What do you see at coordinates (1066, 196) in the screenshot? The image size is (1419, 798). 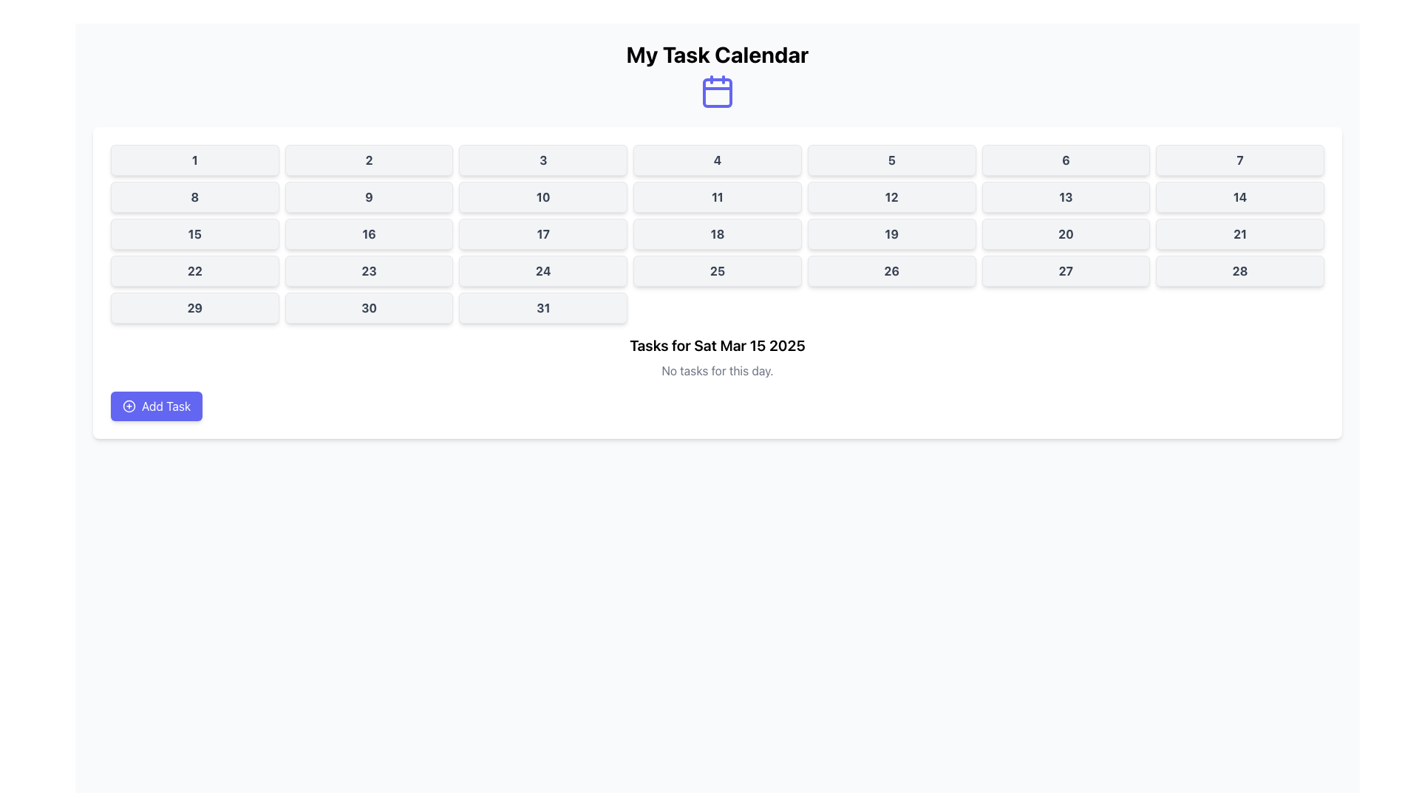 I see `the rectangular button with rounded corners displaying the number '13'` at bounding box center [1066, 196].